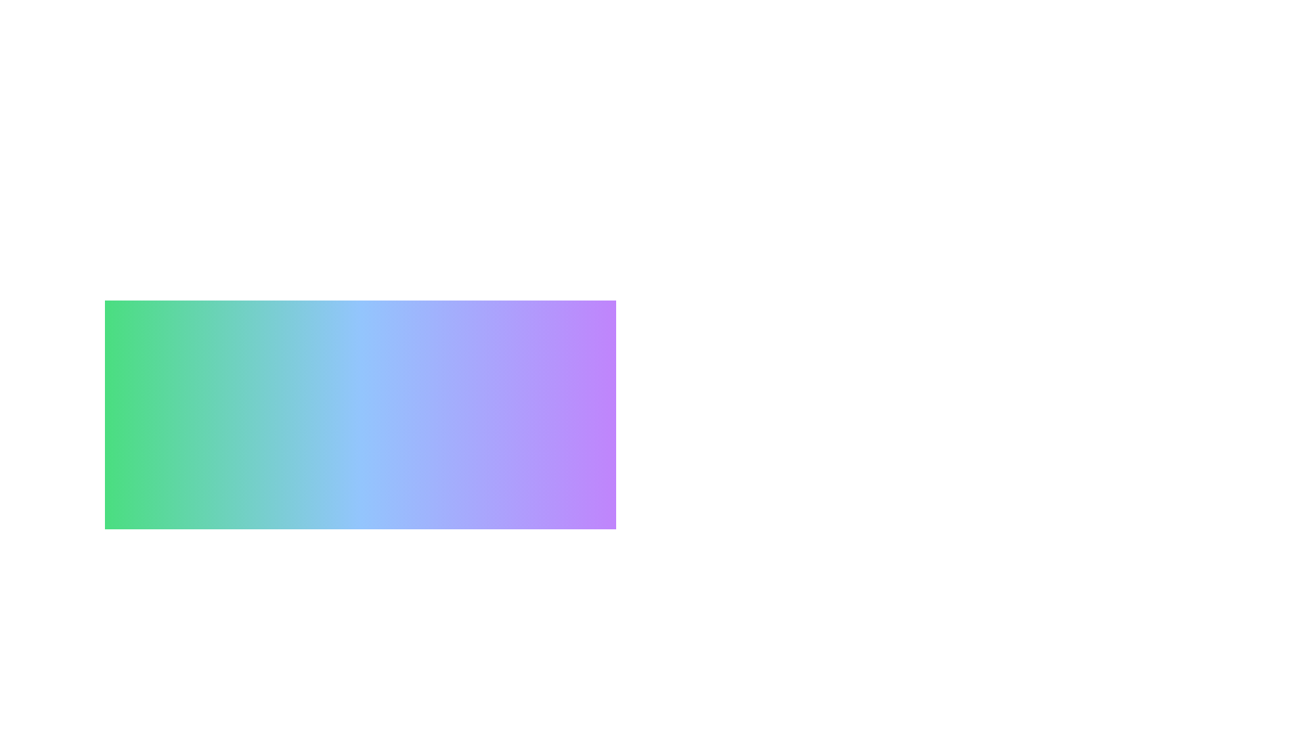  What do you see at coordinates (360, 709) in the screenshot?
I see `the preference Art to observe visual feedback` at bounding box center [360, 709].